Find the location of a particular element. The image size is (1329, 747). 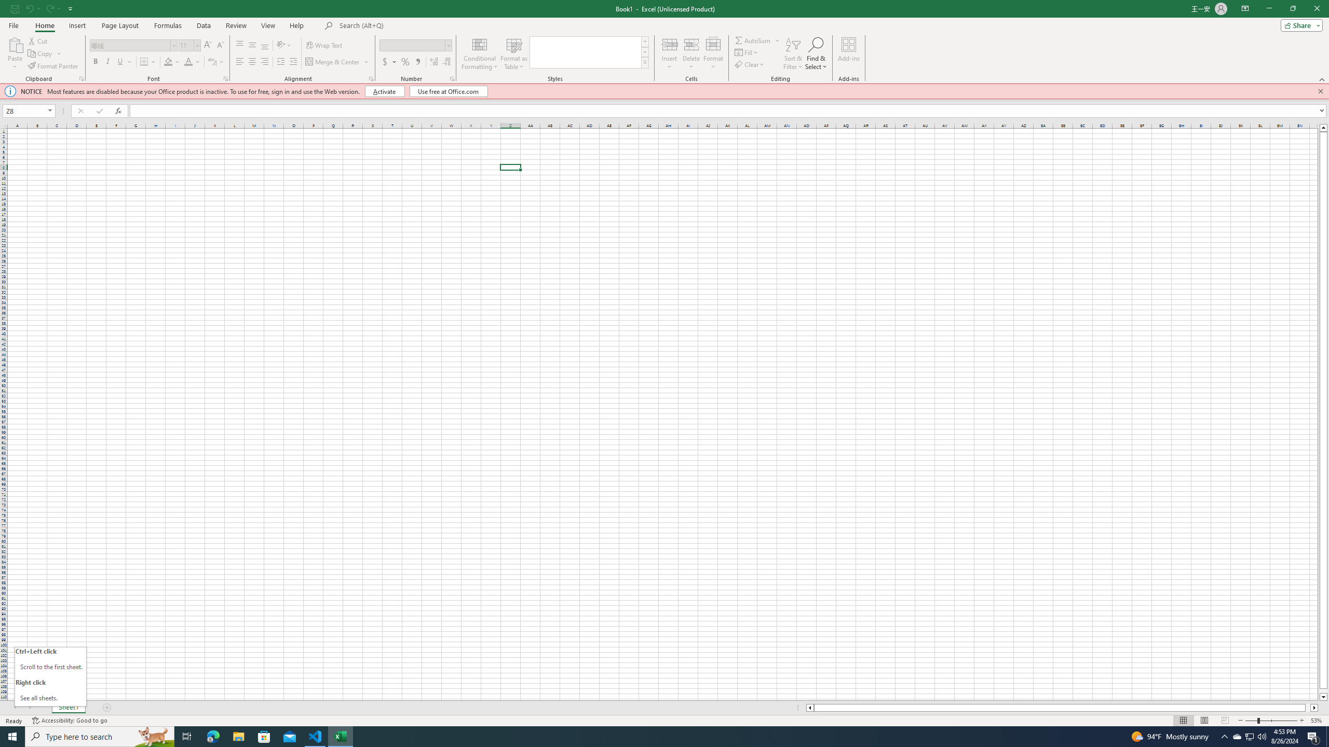

'Orientation' is located at coordinates (283, 45).